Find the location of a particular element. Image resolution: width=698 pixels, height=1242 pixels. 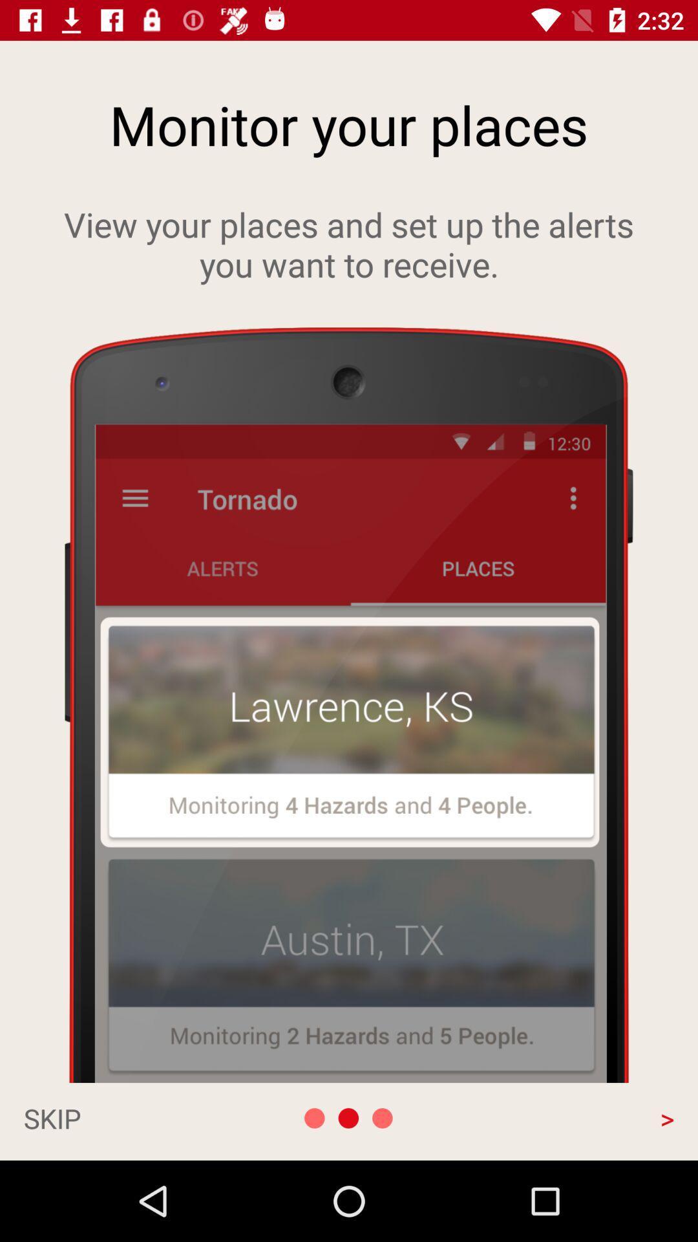

the > at the bottom right corner is located at coordinates (576, 1117).